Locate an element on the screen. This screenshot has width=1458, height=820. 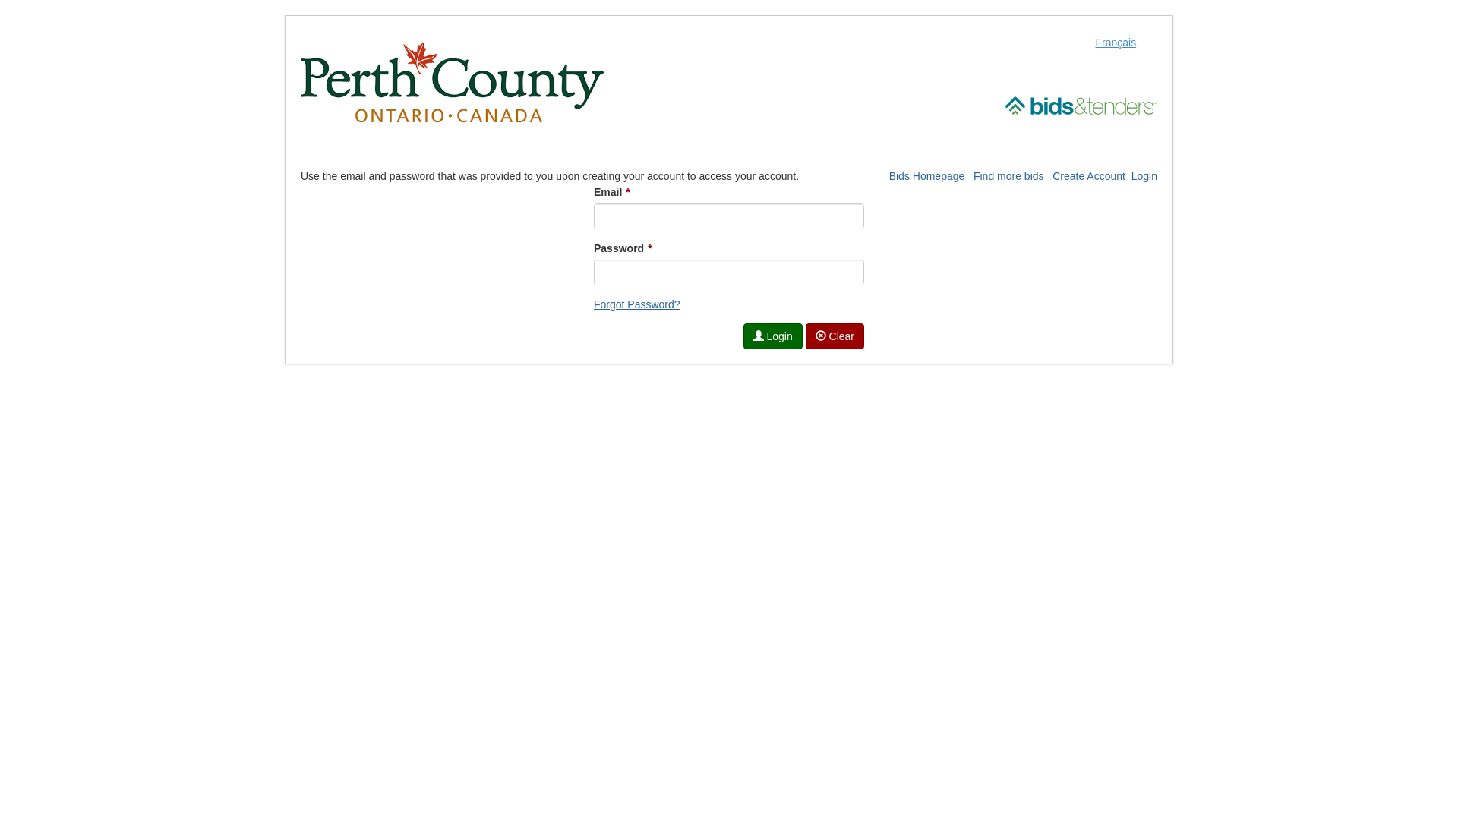
'Skip to Content (Press Enter)' is located at coordinates (0, 0).